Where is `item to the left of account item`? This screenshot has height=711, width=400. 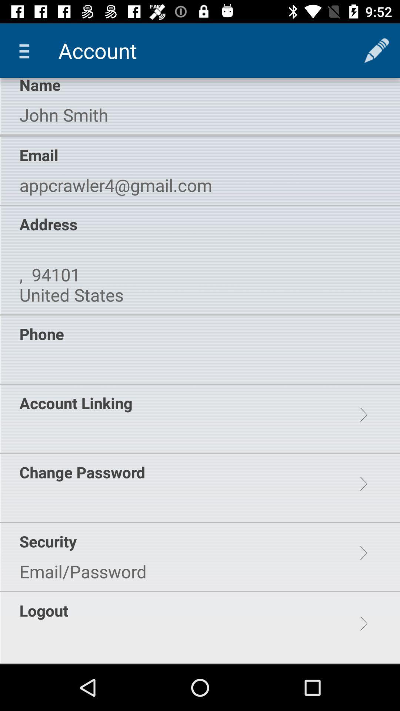
item to the left of account item is located at coordinates (27, 50).